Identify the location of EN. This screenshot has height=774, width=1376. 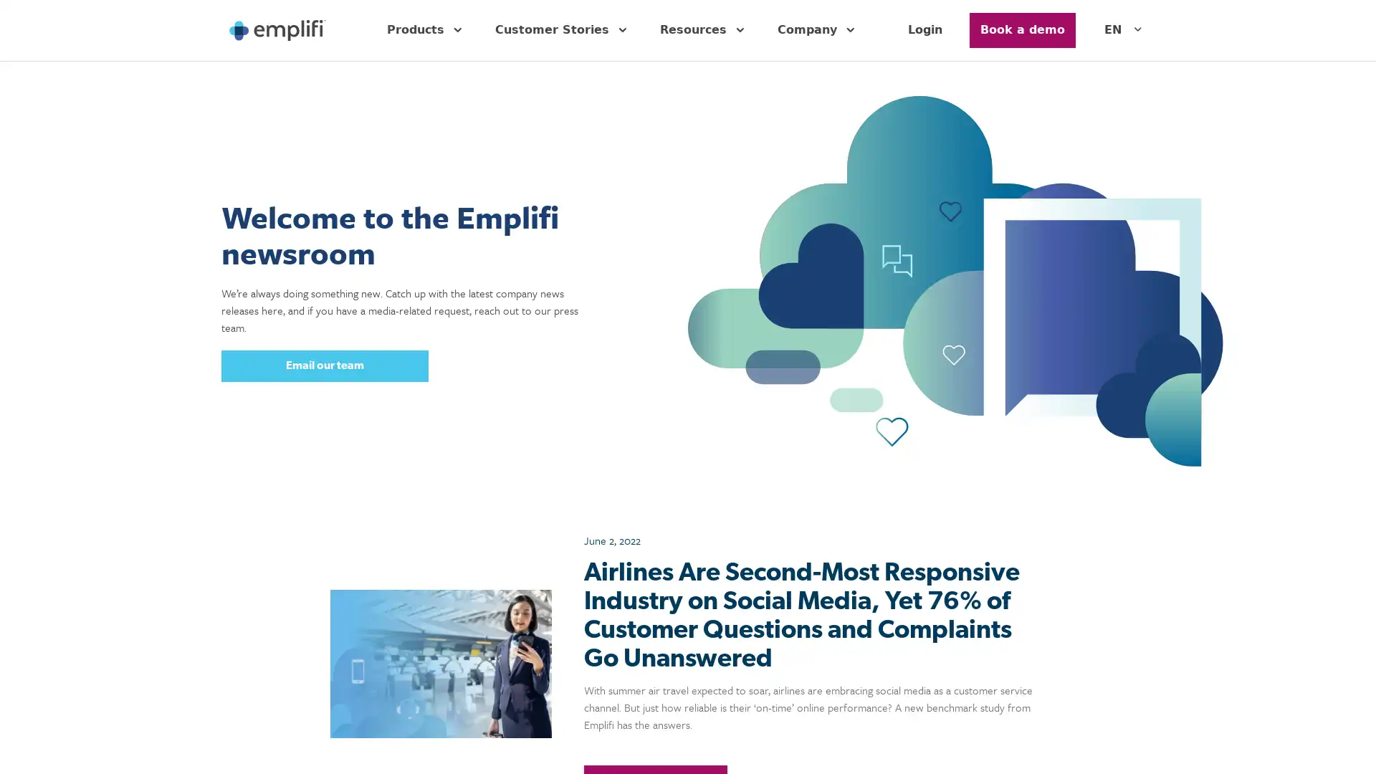
(1124, 30).